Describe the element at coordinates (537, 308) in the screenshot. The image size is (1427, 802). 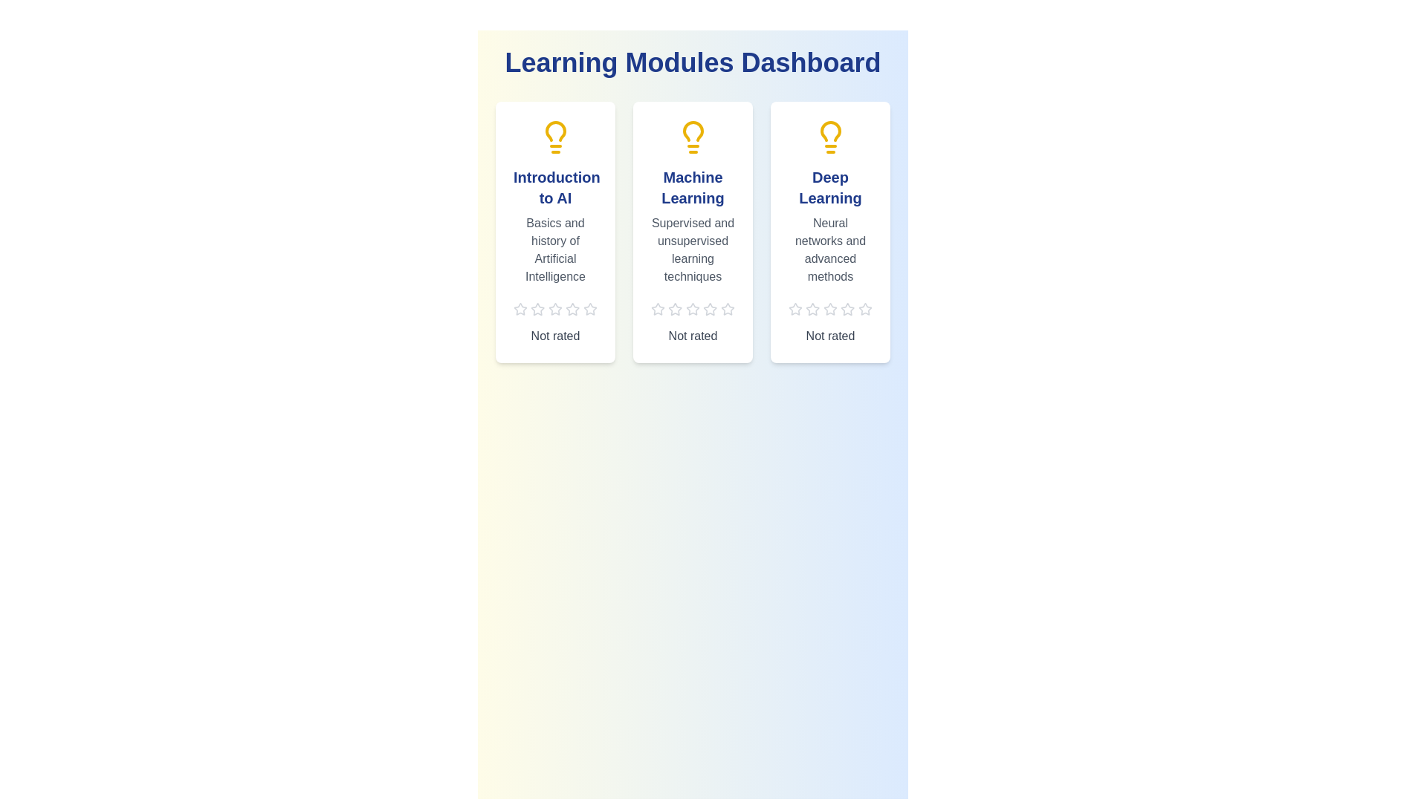
I see `the star corresponding to 2 stars to preview the rating` at that location.